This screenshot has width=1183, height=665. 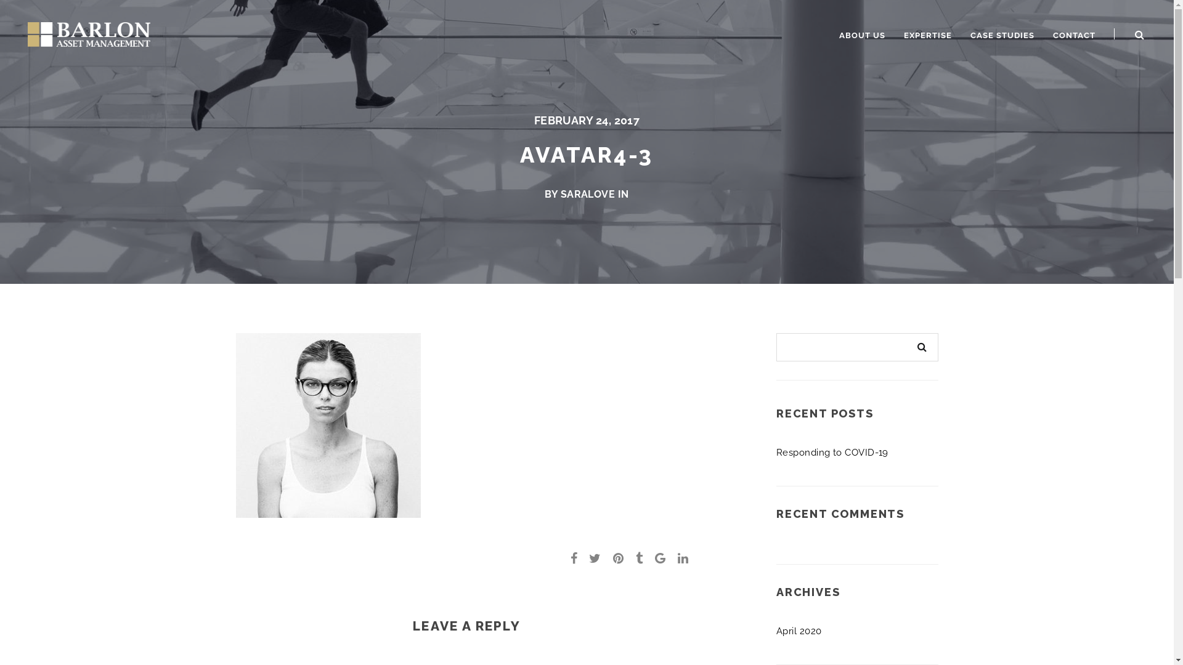 I want to click on 'CONTACT', so click(x=1073, y=34).